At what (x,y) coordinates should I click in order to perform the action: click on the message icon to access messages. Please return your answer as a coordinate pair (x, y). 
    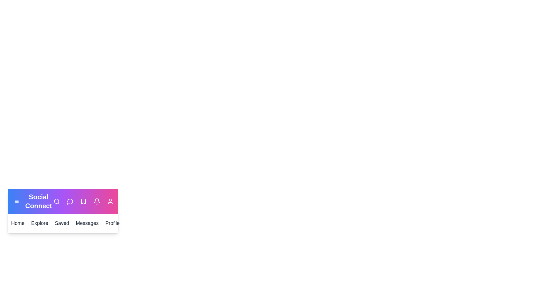
    Looking at the image, I should click on (70, 201).